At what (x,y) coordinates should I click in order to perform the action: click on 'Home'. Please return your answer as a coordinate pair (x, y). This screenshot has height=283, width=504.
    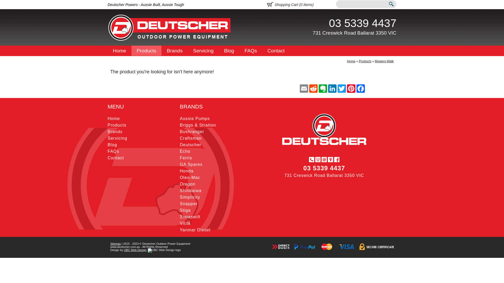
    Looking at the image, I should click on (351, 61).